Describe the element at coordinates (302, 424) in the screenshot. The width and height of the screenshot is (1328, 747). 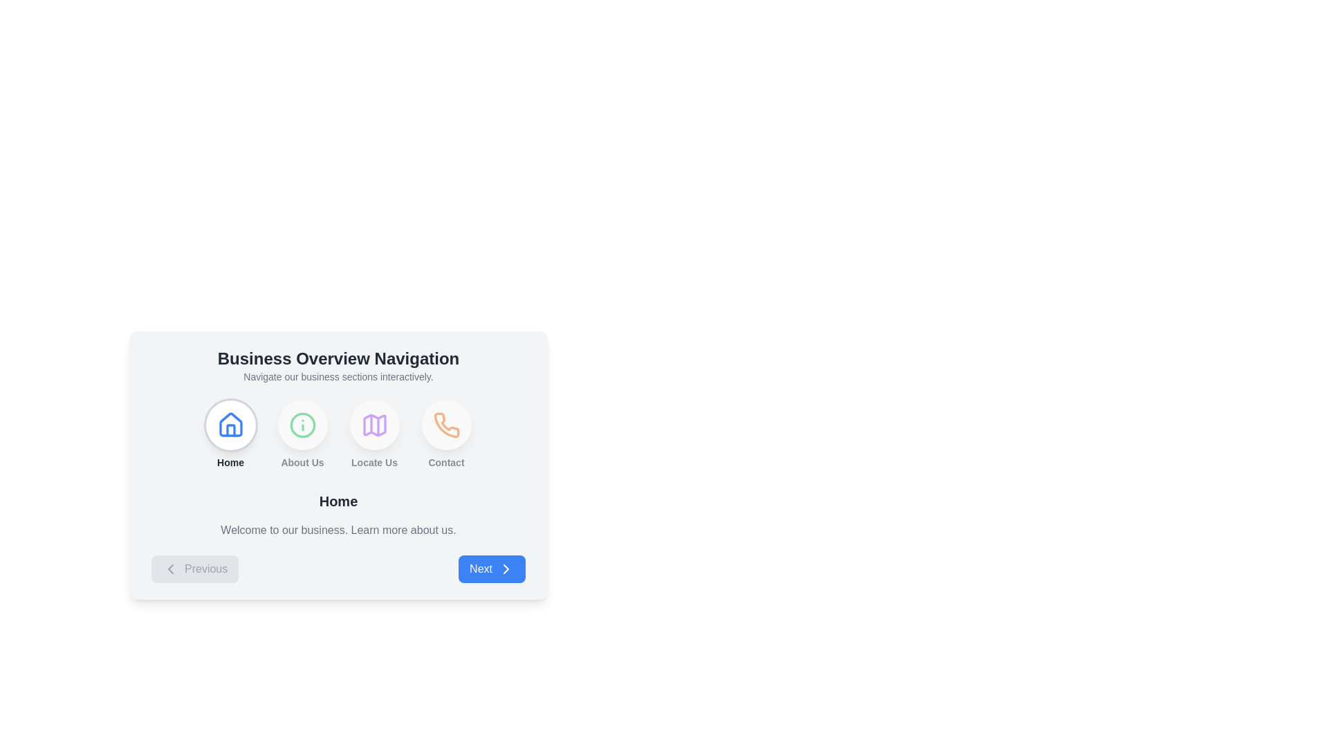
I see `the 'About Us' IconButton in the navigation section` at that location.